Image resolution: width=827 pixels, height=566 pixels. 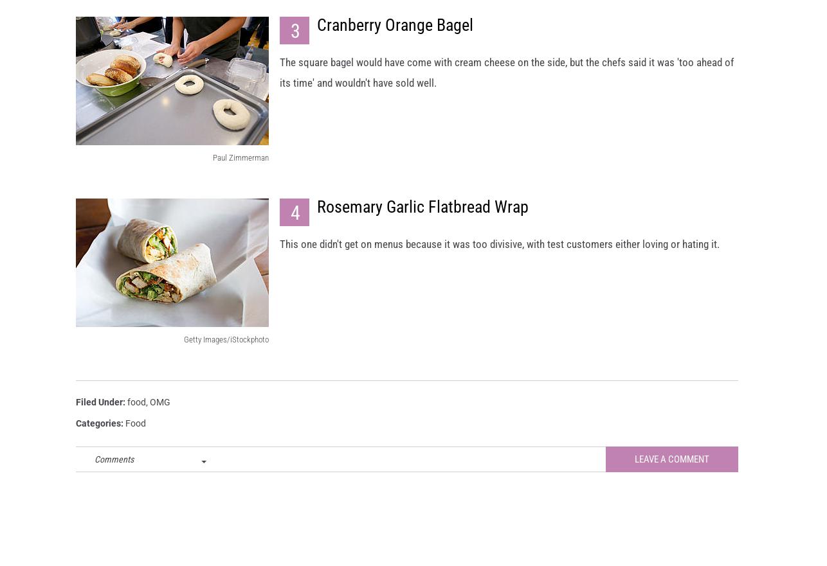 What do you see at coordinates (98, 434) in the screenshot?
I see `'Categories'` at bounding box center [98, 434].